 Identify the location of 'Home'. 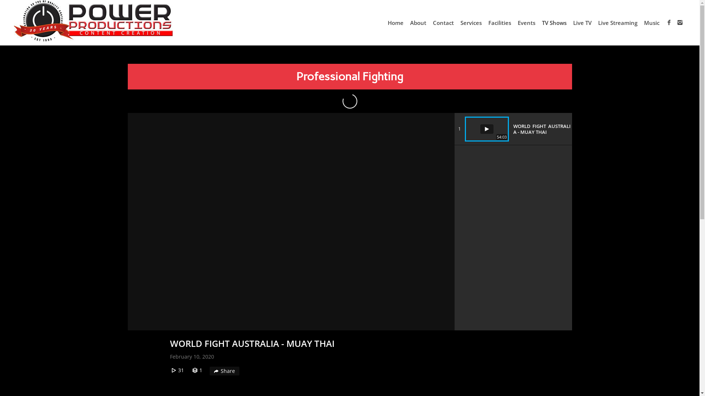
(395, 22).